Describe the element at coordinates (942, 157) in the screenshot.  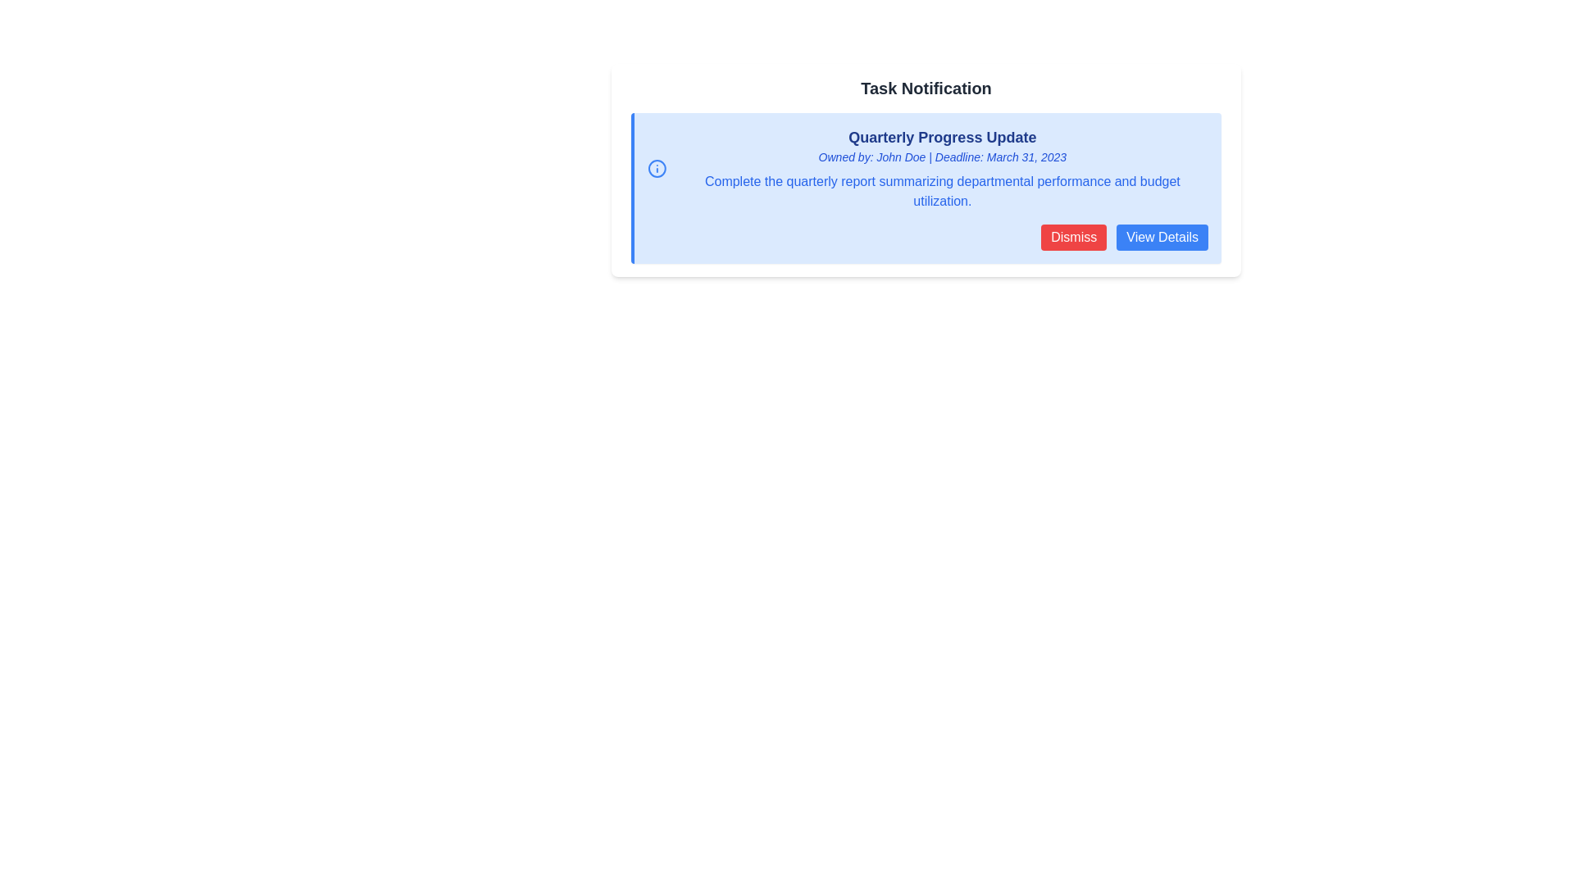
I see `the text label that reads 'Owned by: John Doe | Deadline: March 31, 2023', which is styled in small, italicized blue font and positioned between the header 'Quarterly Progress Update' and the descriptive text` at that location.